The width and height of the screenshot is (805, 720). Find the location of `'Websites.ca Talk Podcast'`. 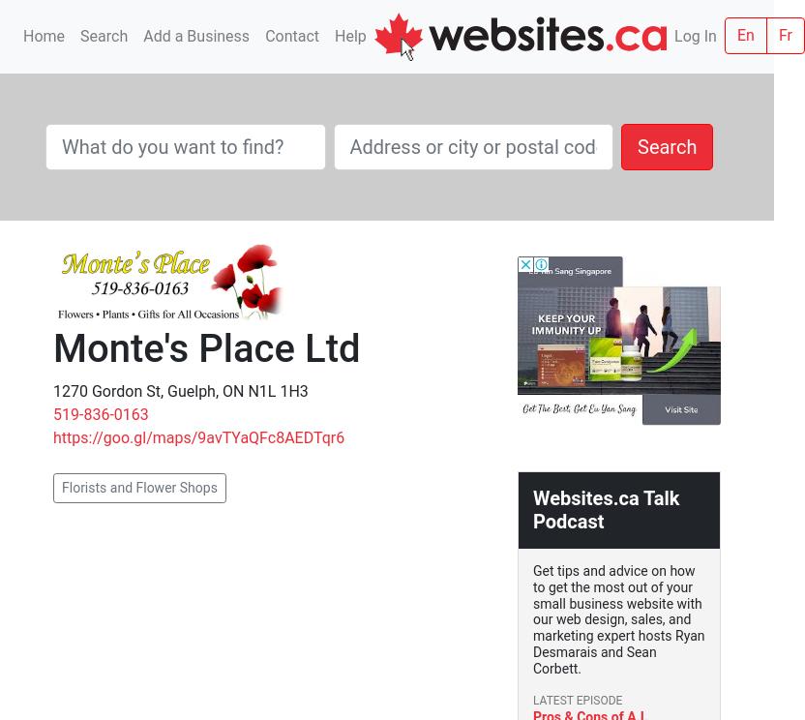

'Websites.ca Talk Podcast' is located at coordinates (533, 509).